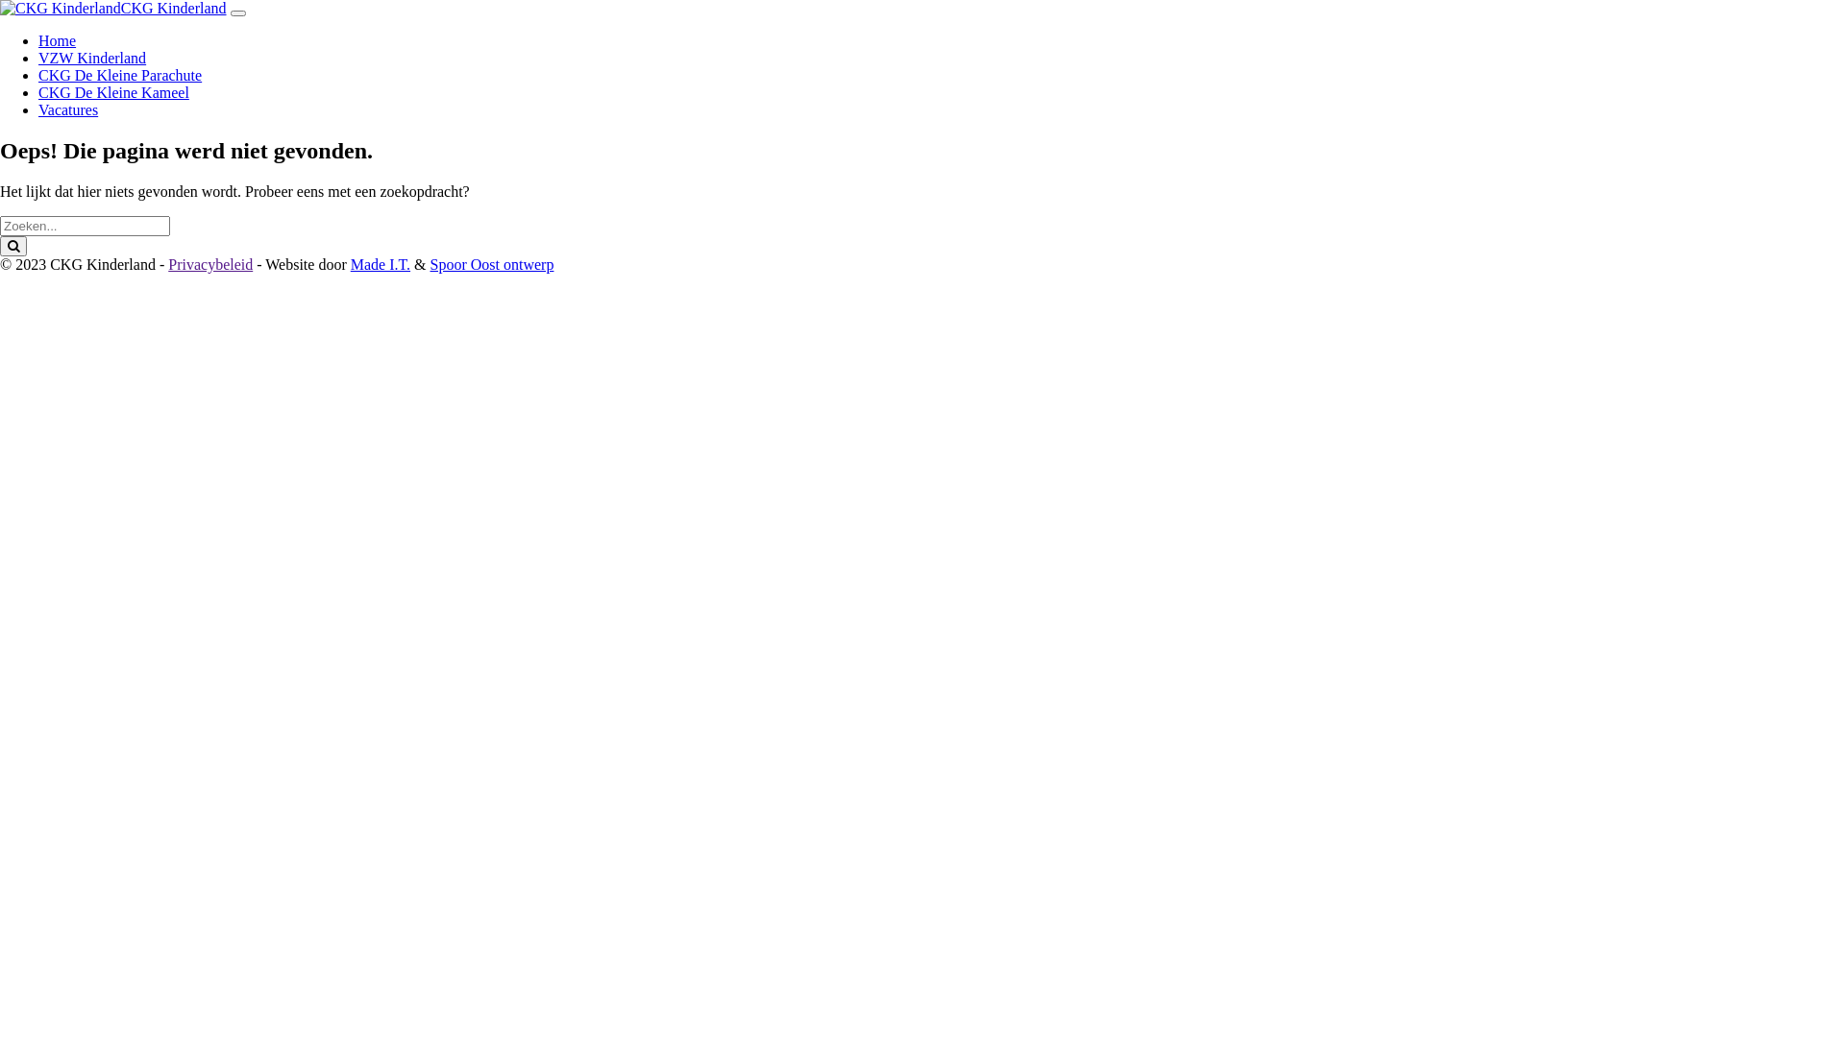 Image resolution: width=1845 pixels, height=1037 pixels. Describe the element at coordinates (112, 92) in the screenshot. I see `'CKG De Kleine Kameel'` at that location.